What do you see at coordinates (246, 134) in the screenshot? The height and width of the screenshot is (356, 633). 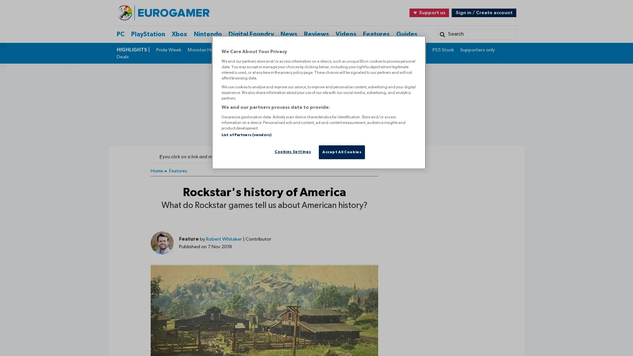 I see `List of Partners (vendors)` at bounding box center [246, 134].